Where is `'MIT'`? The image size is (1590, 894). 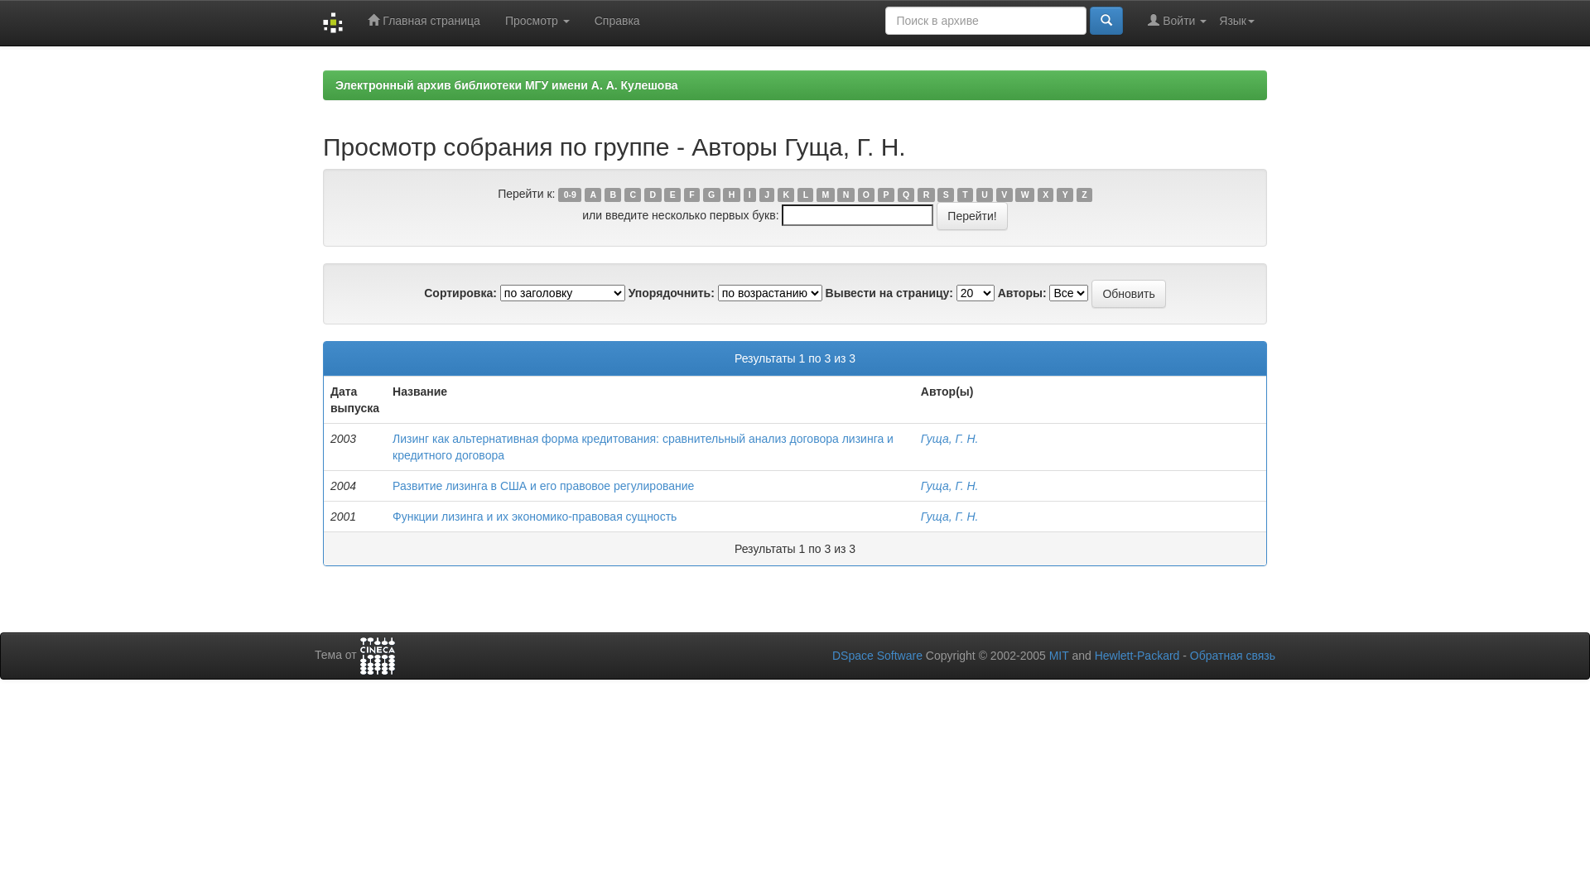
'MIT' is located at coordinates (1058, 654).